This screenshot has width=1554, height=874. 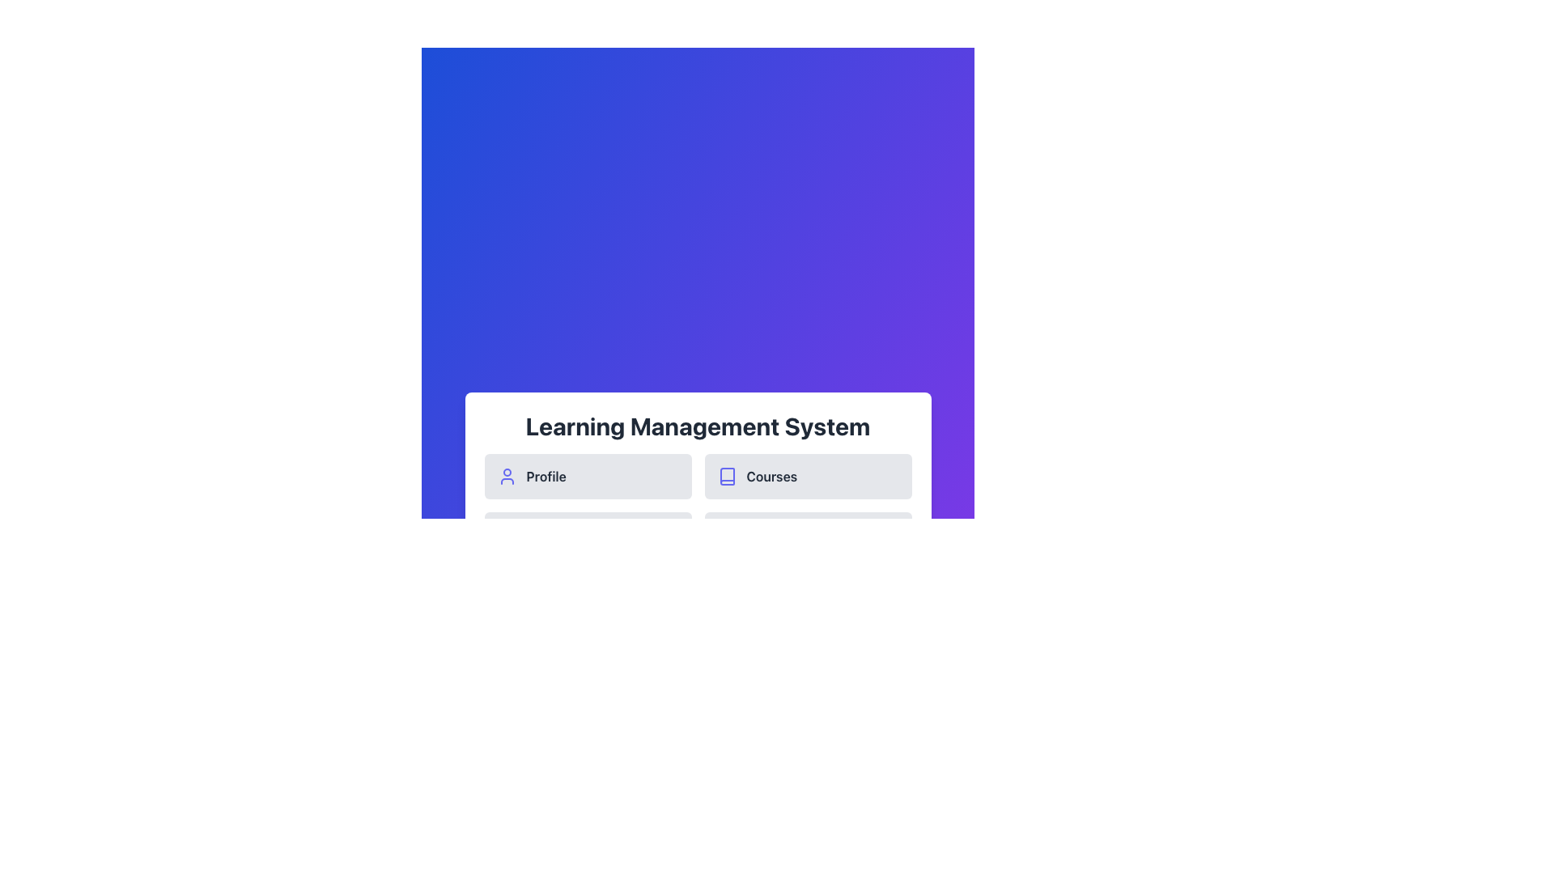 I want to click on text label that describes the option to access or view the user's profile information, positioned in the top-left portion of the panel, adjacent to the user icon, so click(x=546, y=476).